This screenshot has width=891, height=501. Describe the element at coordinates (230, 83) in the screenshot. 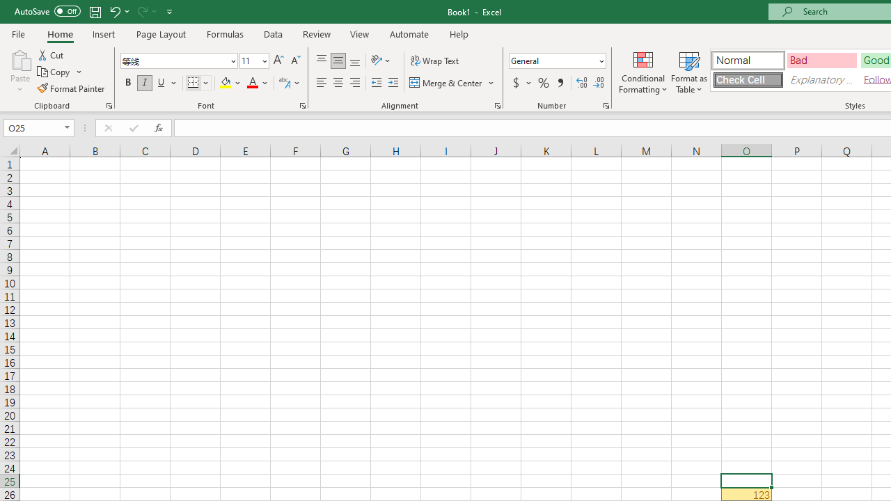

I see `'Fill Color'` at that location.